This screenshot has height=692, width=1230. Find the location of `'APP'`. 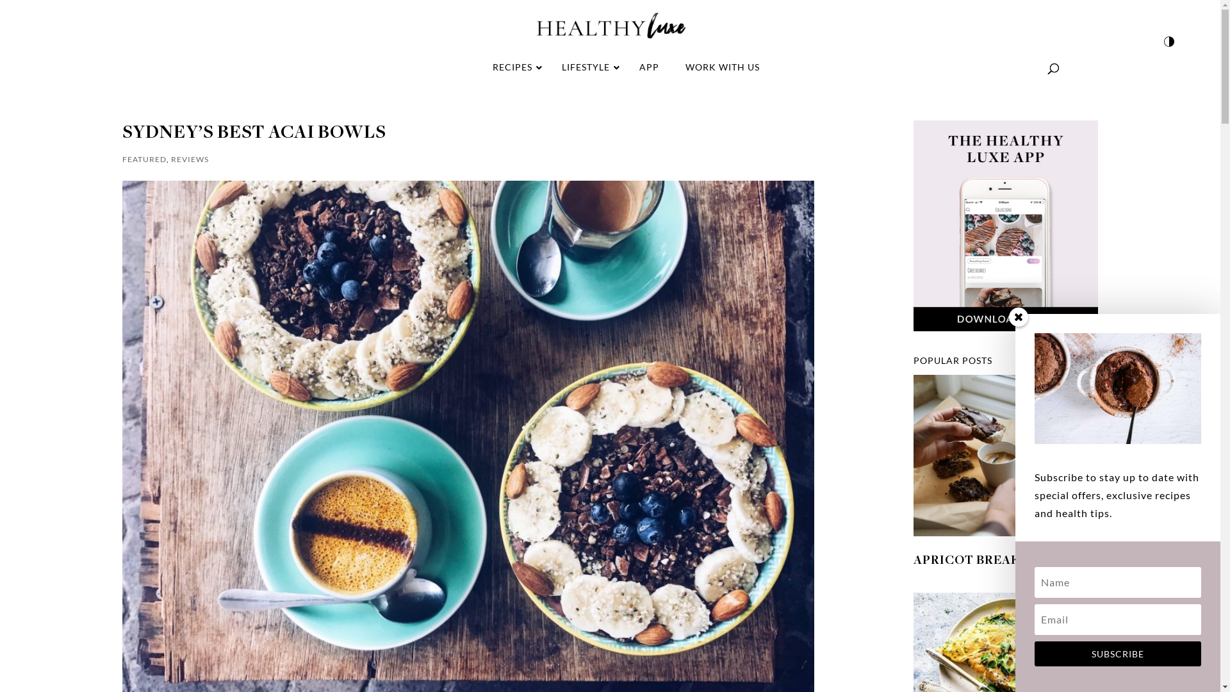

'APP' is located at coordinates (648, 67).